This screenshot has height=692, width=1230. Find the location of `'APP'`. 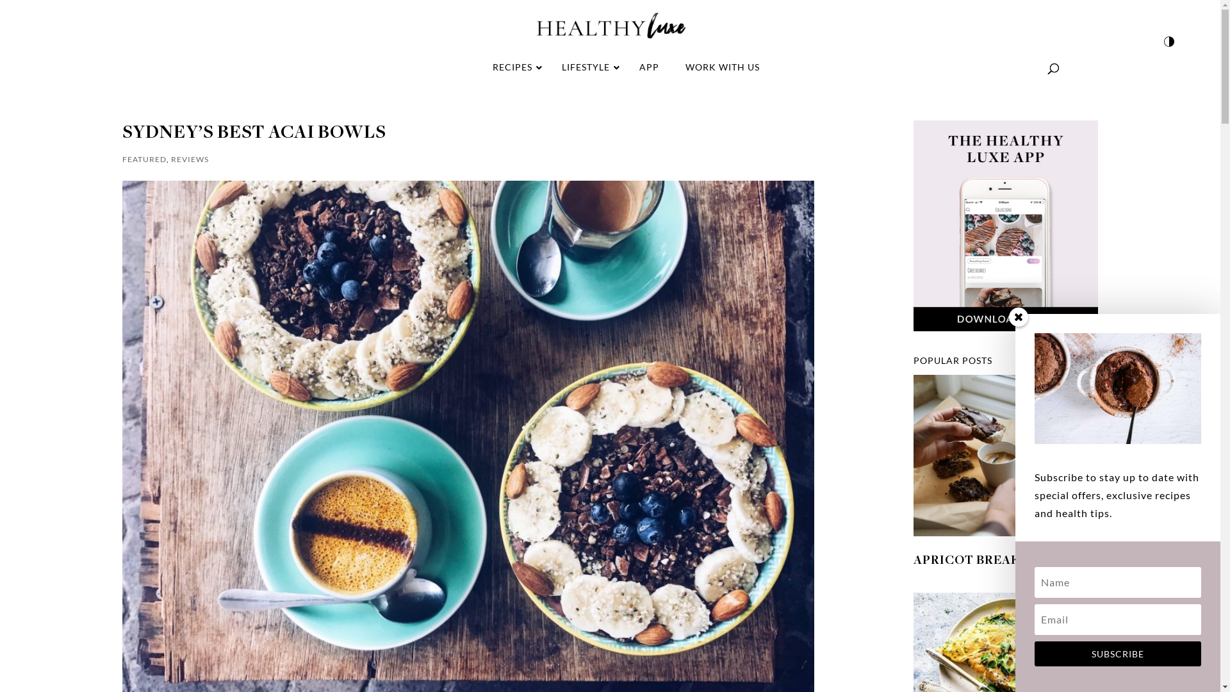

'APP' is located at coordinates (648, 67).